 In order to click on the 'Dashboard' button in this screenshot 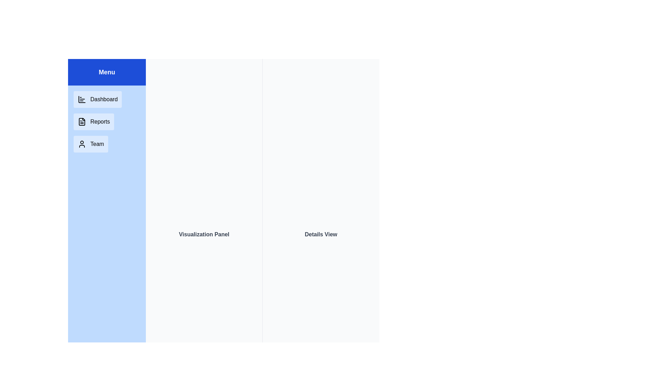, I will do `click(82, 99)`.